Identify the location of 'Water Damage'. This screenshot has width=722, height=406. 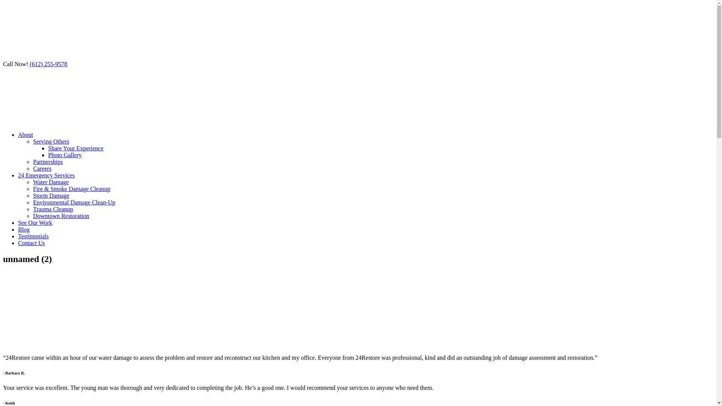
(50, 182).